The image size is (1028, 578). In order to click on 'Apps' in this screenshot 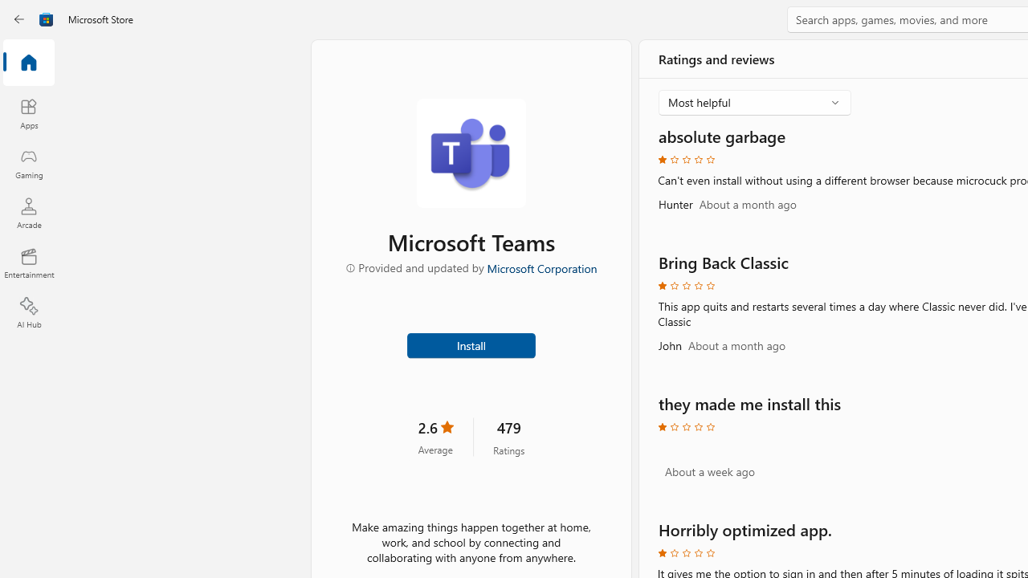, I will do `click(28, 112)`.